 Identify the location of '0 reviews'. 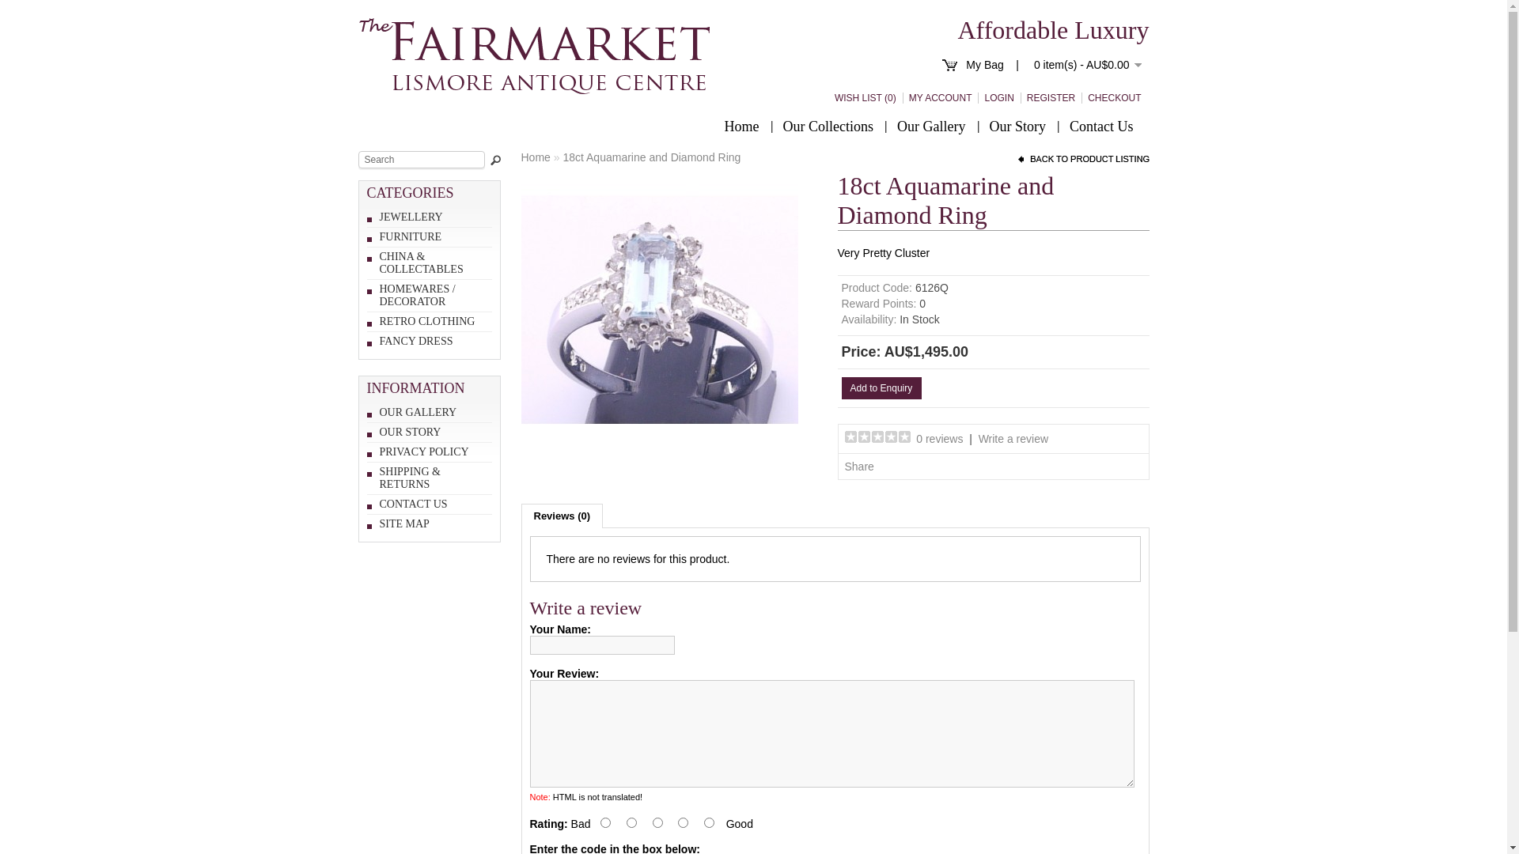
(915, 439).